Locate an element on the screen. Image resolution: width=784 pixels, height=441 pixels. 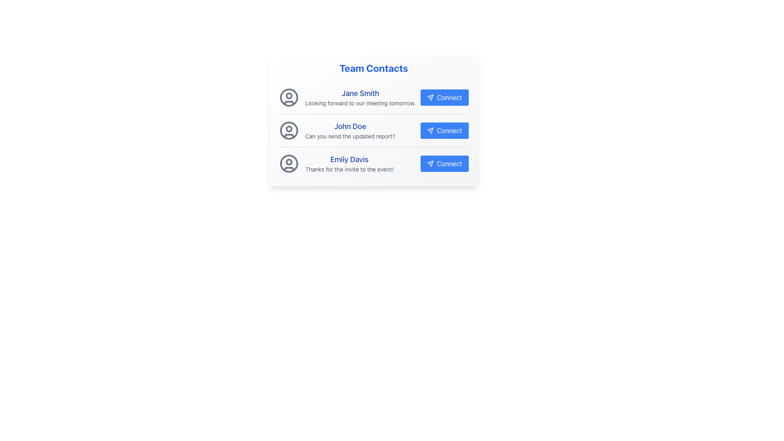
the button located to the right of 'Jane Smith' is located at coordinates (444, 97).